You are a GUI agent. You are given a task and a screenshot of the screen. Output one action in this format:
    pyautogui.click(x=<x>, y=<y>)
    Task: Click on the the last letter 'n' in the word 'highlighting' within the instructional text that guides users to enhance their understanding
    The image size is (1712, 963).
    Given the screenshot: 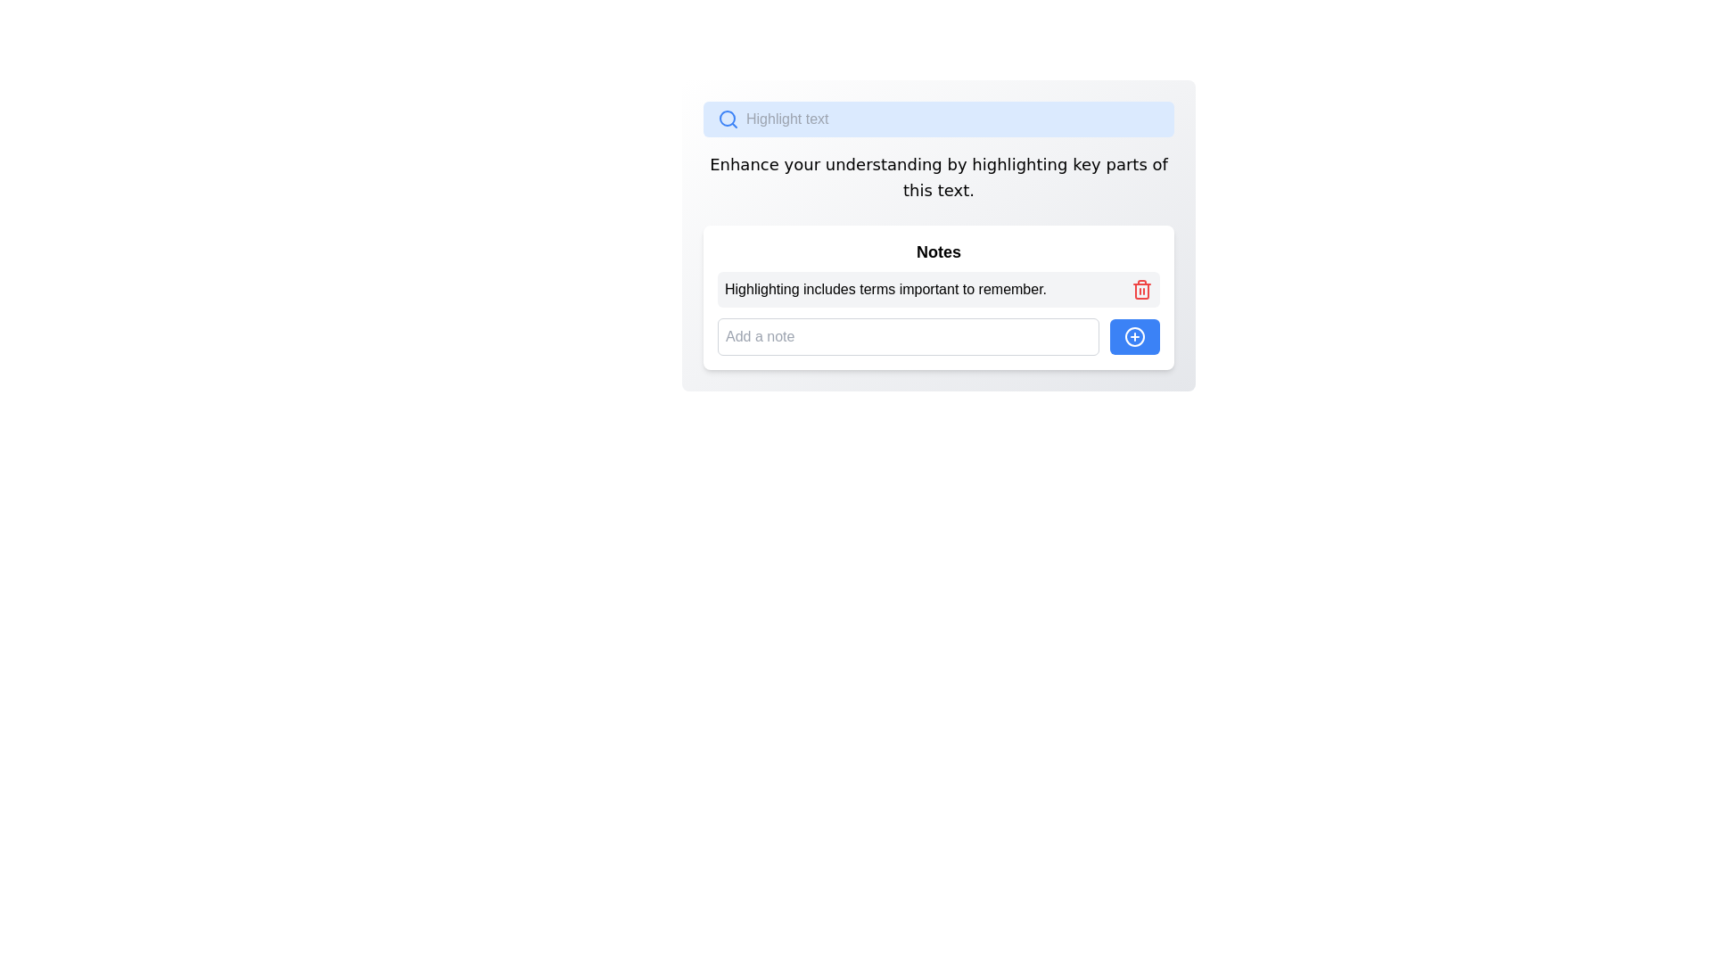 What is the action you would take?
    pyautogui.click(x=1052, y=164)
    